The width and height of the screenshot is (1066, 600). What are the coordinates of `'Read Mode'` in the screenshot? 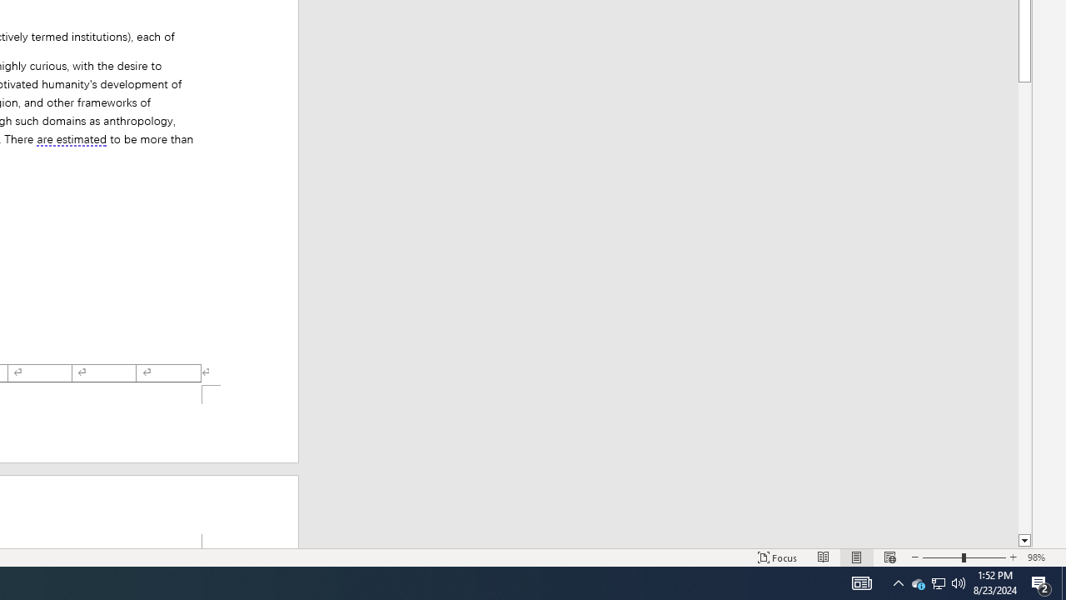 It's located at (823, 557).